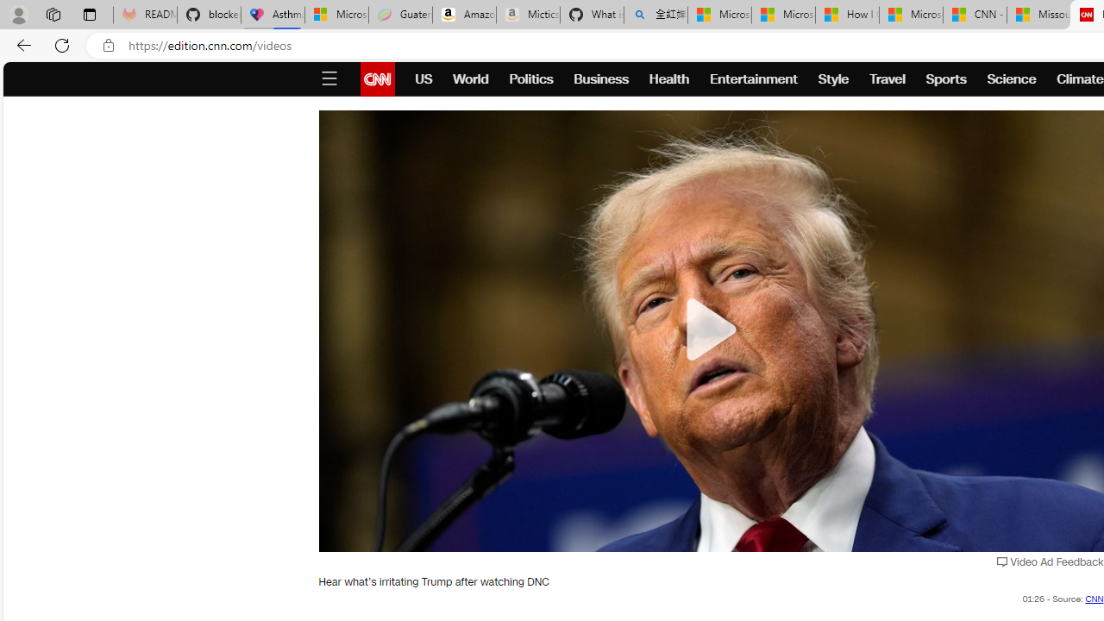  Describe the element at coordinates (668, 79) in the screenshot. I see `'Health'` at that location.